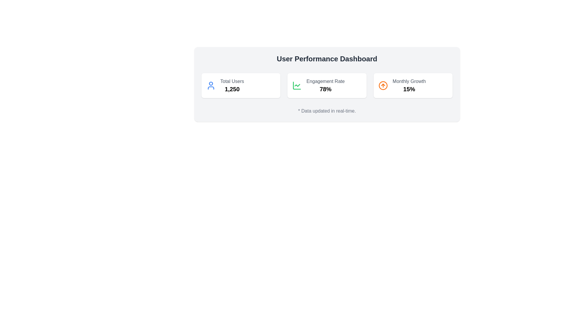 The width and height of the screenshot is (569, 320). I want to click on text label displaying 'Monthly Growth' located in the rightmost panel of the dashboard, above the '15%' value, so click(409, 81).